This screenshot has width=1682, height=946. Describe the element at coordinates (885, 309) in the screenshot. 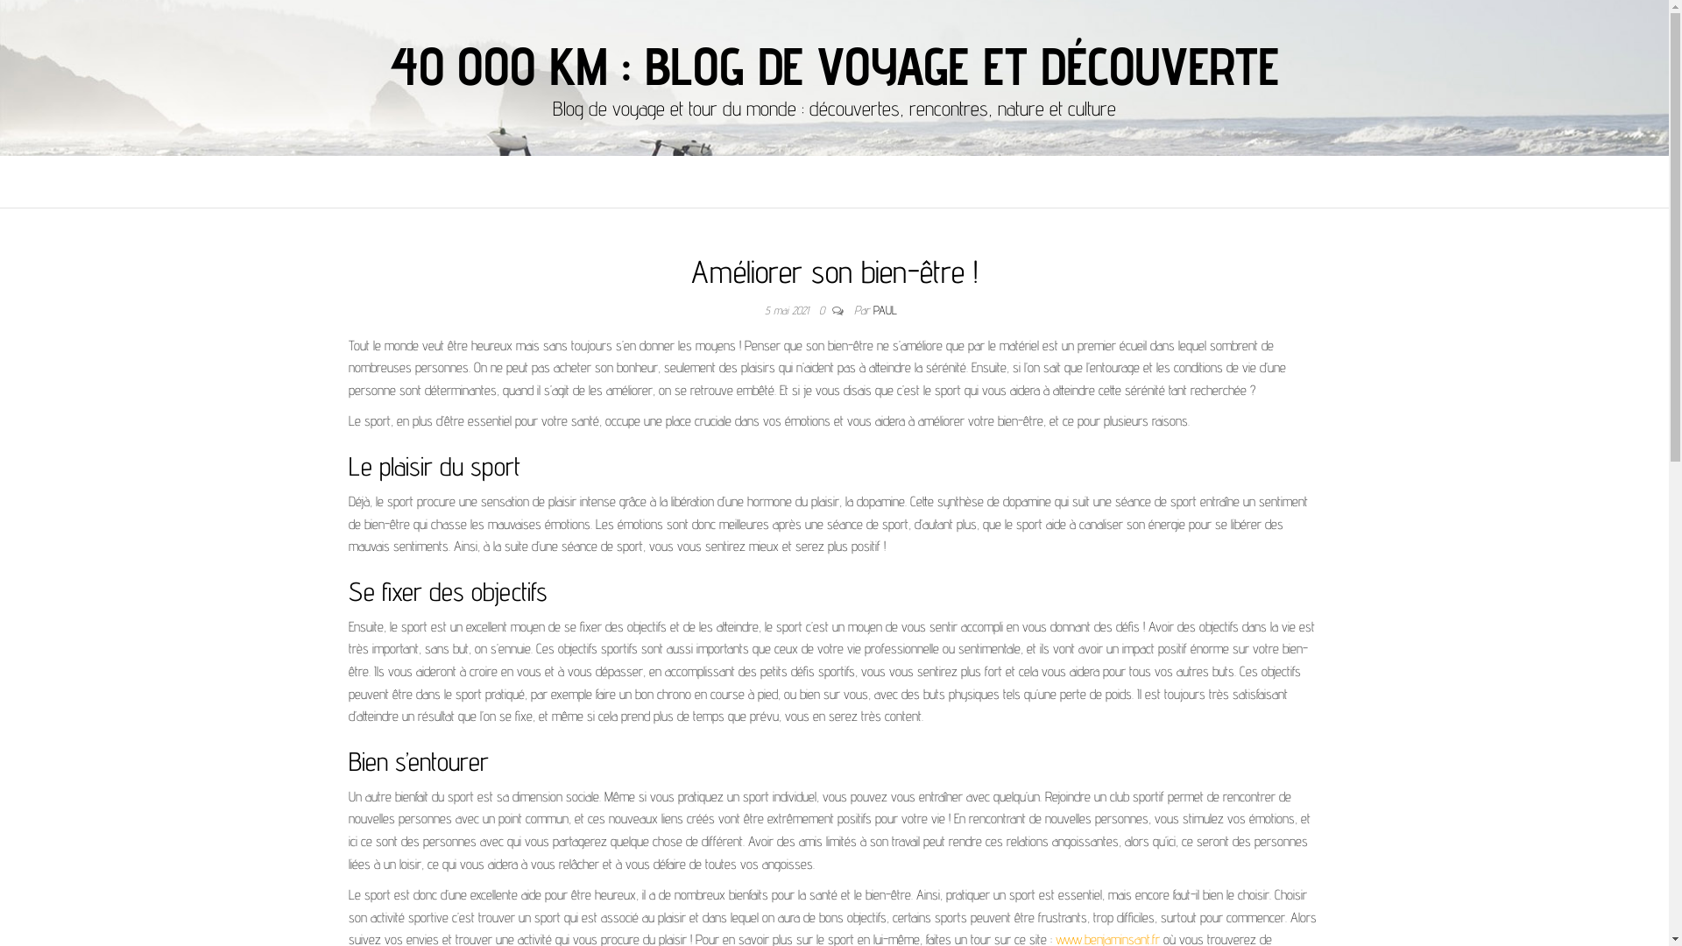

I see `'PAUL'` at that location.